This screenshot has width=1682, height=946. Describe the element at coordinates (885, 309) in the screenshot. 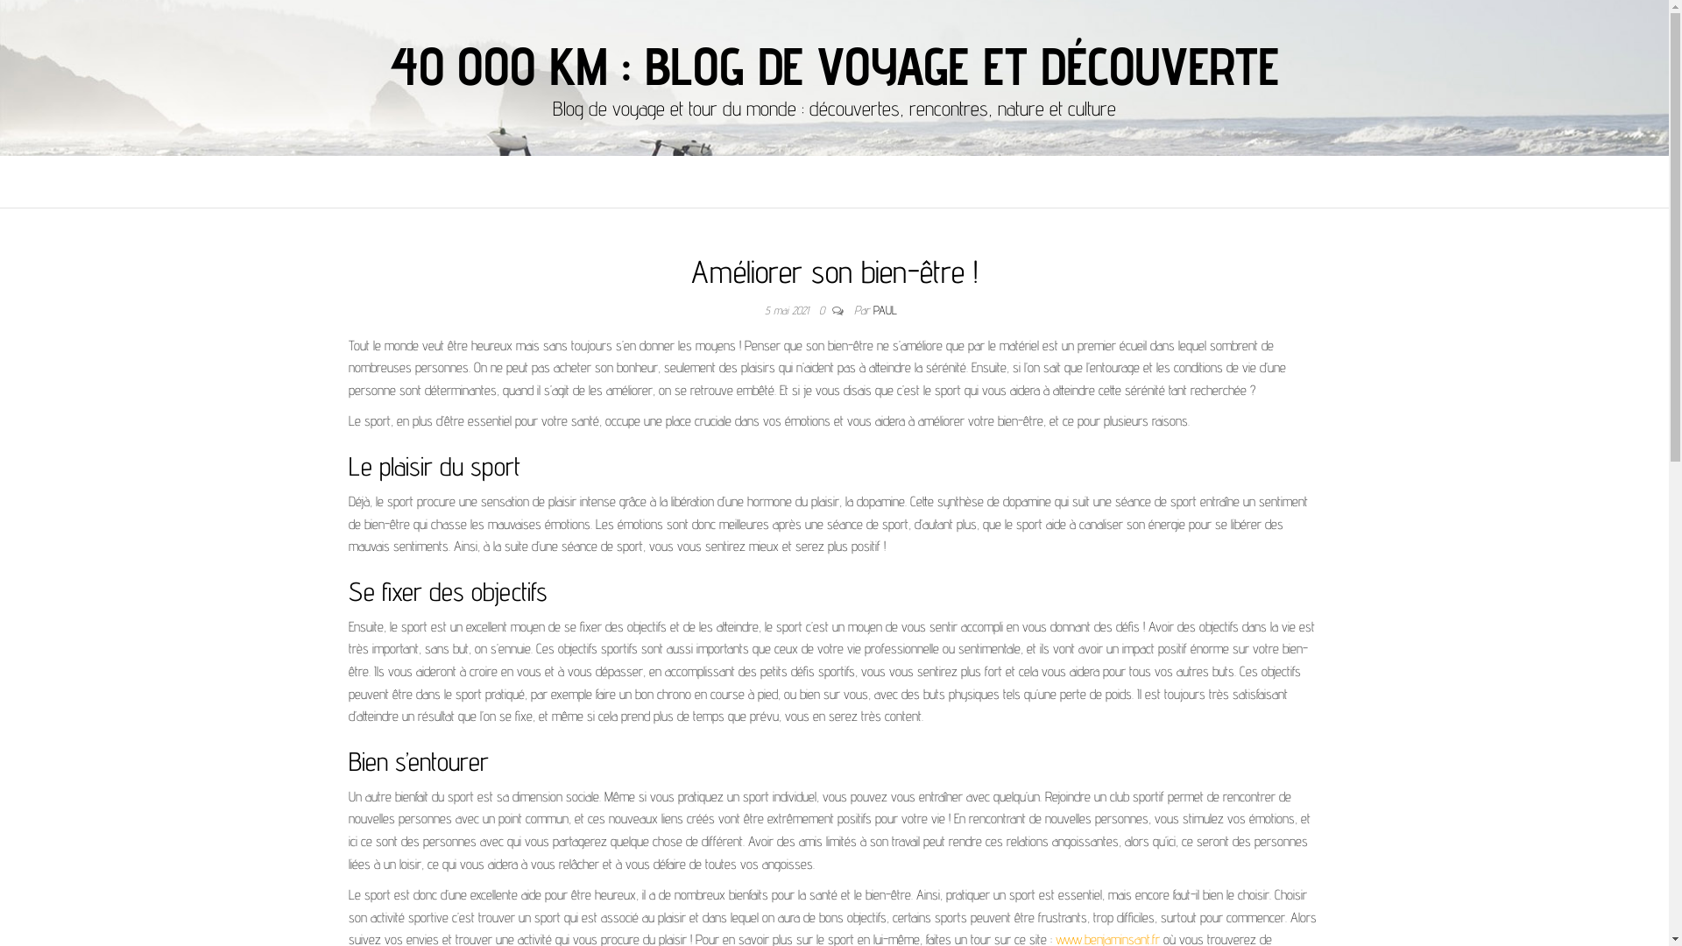

I see `'PAUL'` at that location.